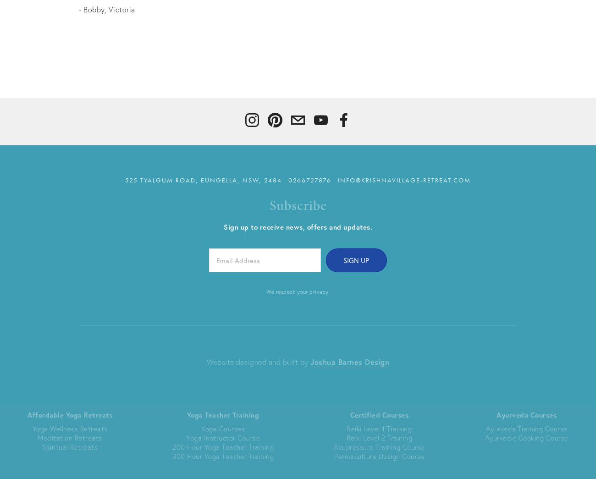  Describe the element at coordinates (526, 436) in the screenshot. I see `'Ayurvedic Cooking Course'` at that location.